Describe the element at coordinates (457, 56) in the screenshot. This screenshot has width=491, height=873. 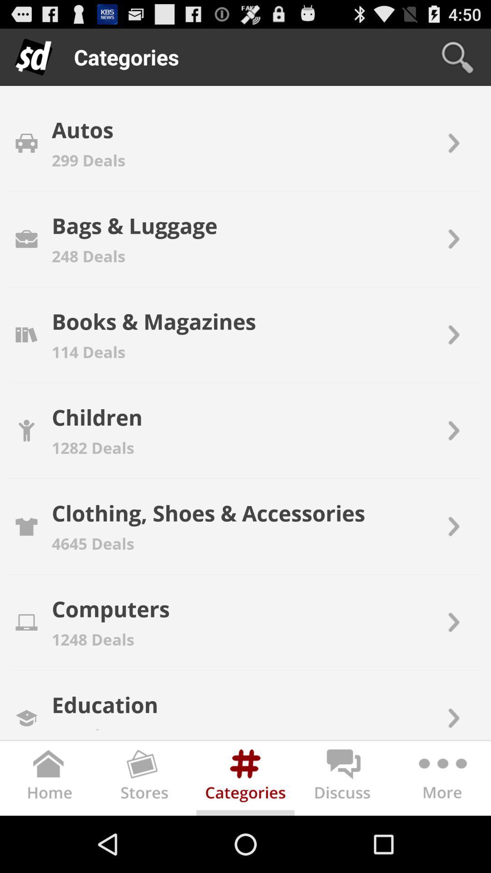
I see `icon next to the    categories icon` at that location.